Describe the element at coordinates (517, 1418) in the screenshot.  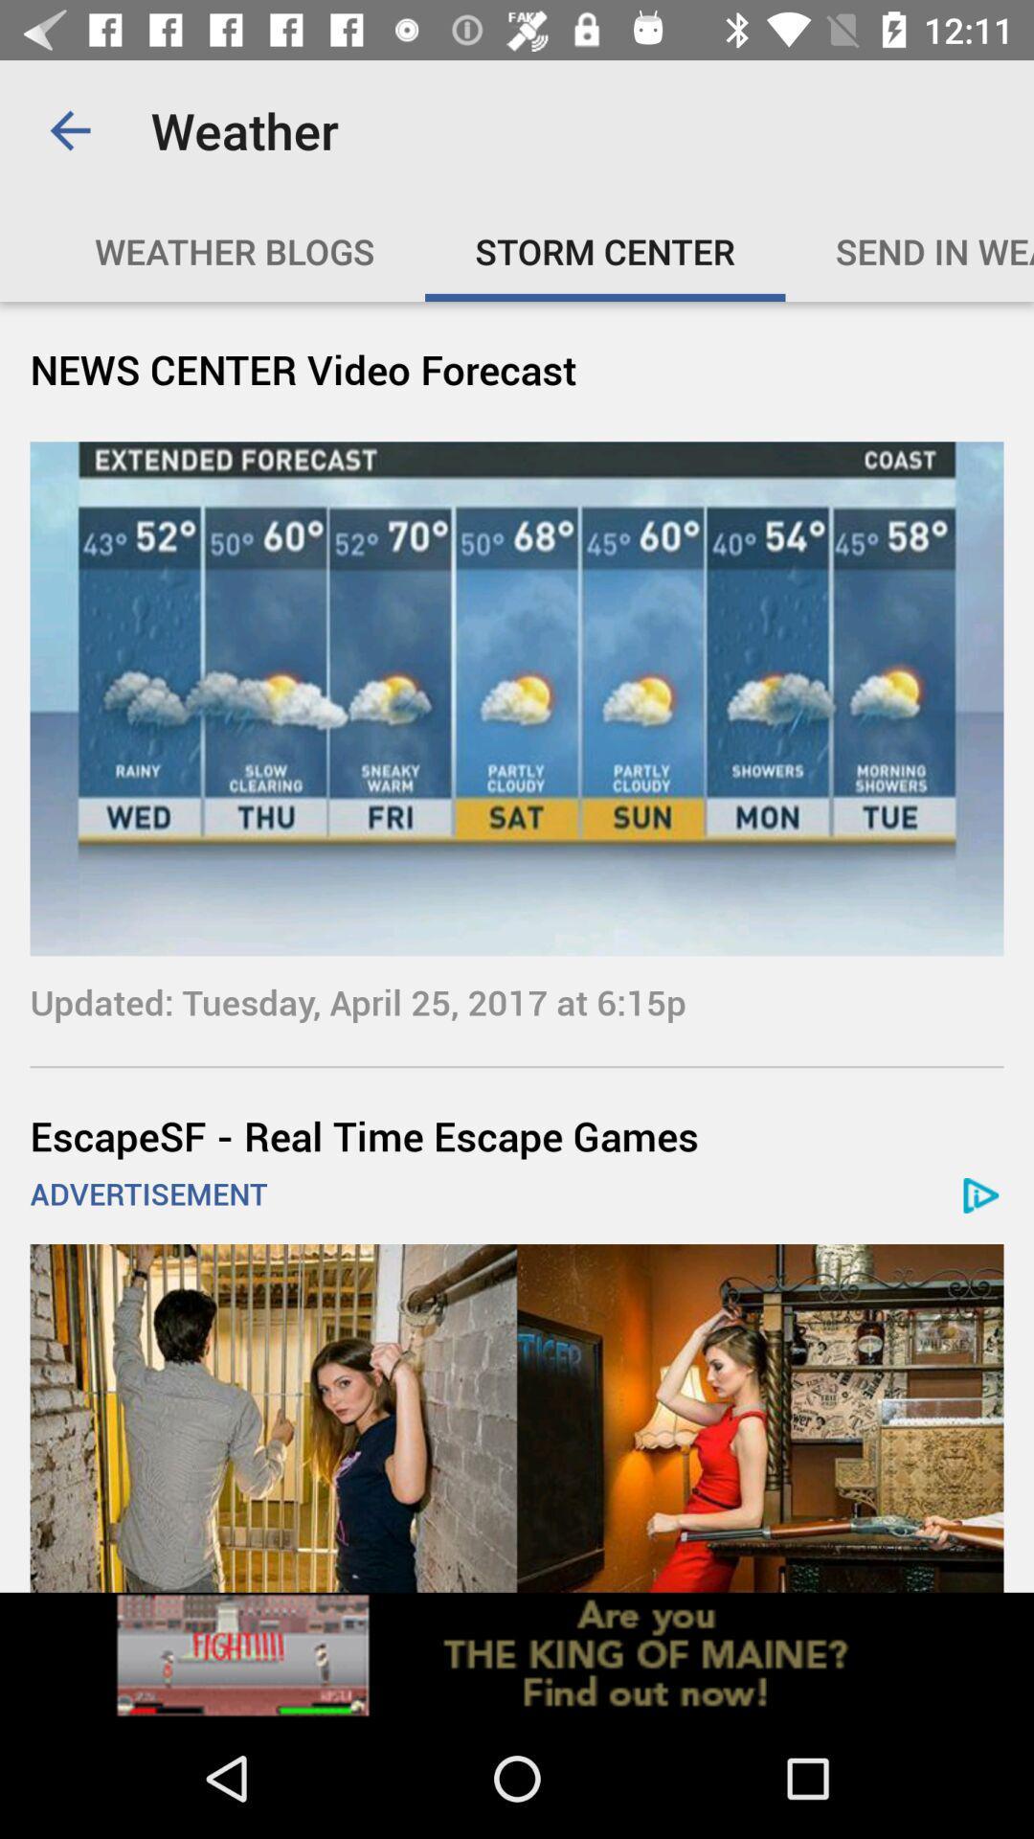
I see `bottom advertisement` at that location.